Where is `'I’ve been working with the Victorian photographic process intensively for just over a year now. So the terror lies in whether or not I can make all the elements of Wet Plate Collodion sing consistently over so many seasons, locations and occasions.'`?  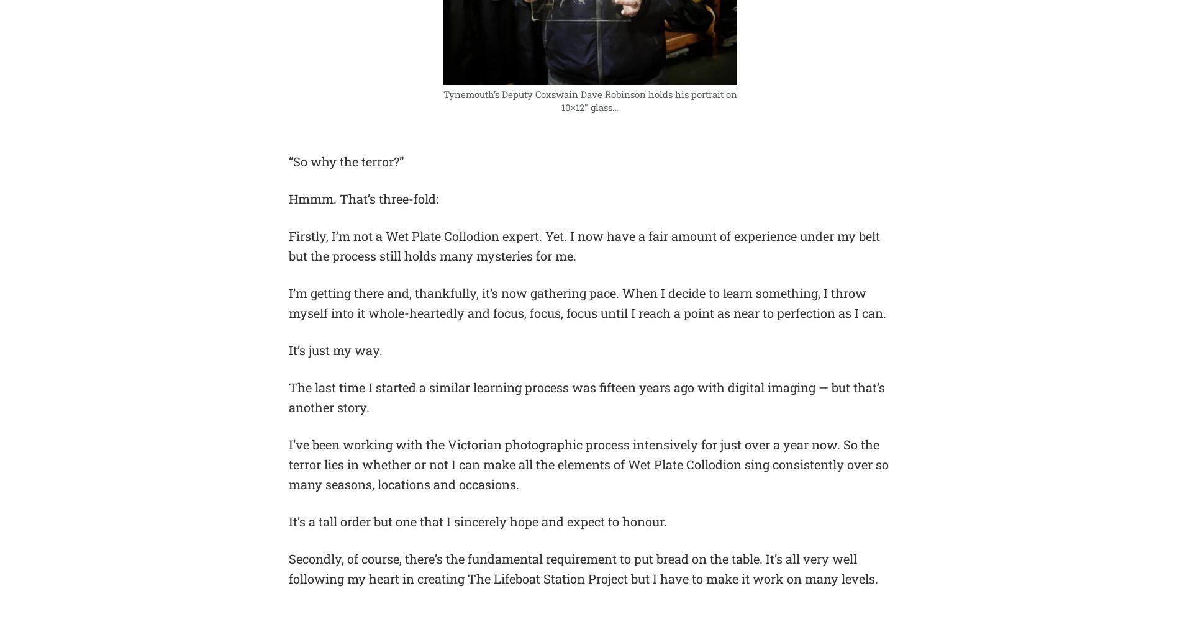 'I’ve been working with the Victorian photographic process intensively for just over a year now. So the terror lies in whether or not I can make all the elements of Wet Plate Collodion sing consistently over so many seasons, locations and occasions.' is located at coordinates (288, 464).